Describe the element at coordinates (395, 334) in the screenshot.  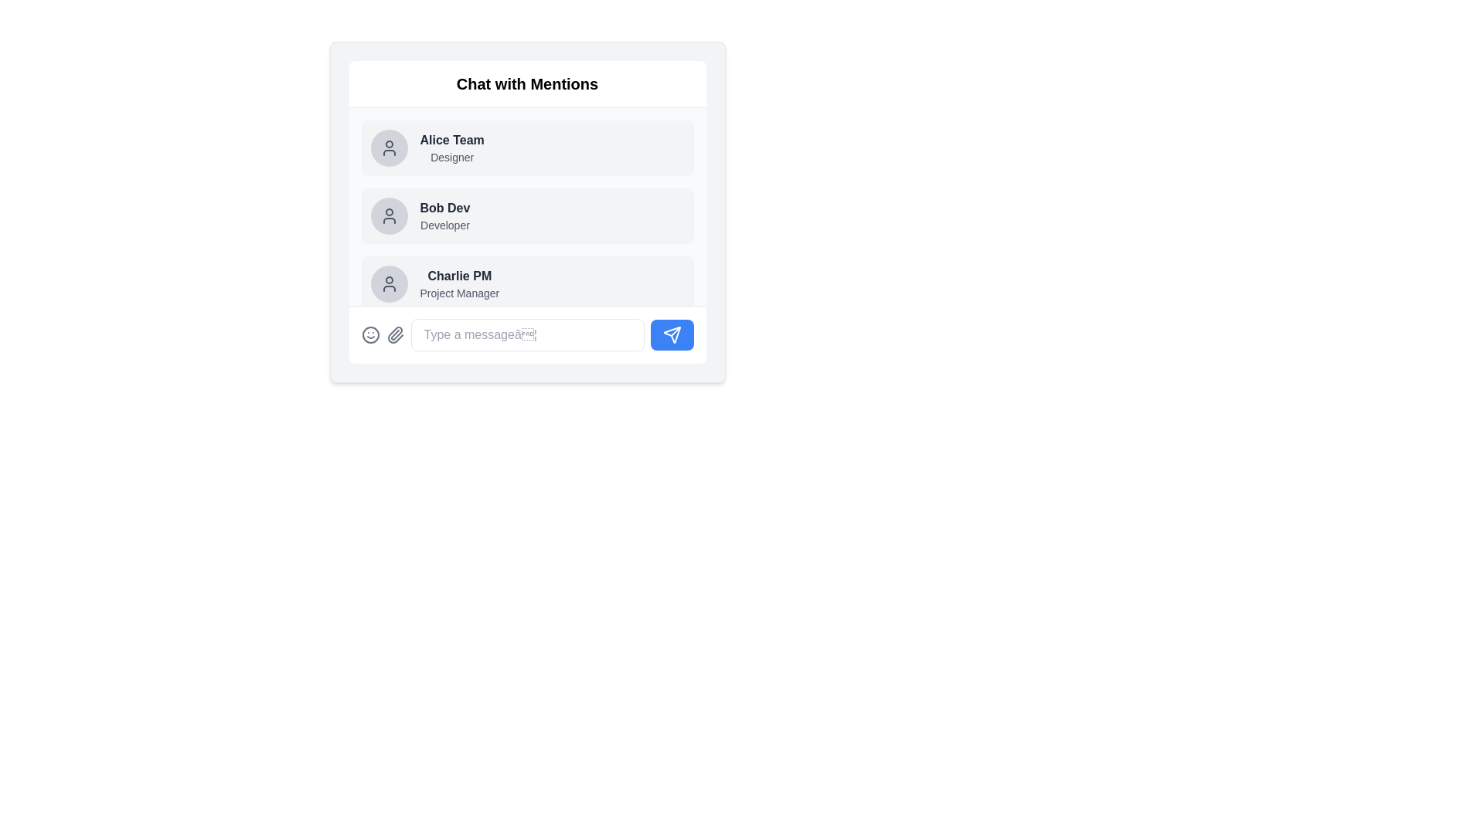
I see `the paperclip icon button located in the lower left corner of the chat interface` at that location.